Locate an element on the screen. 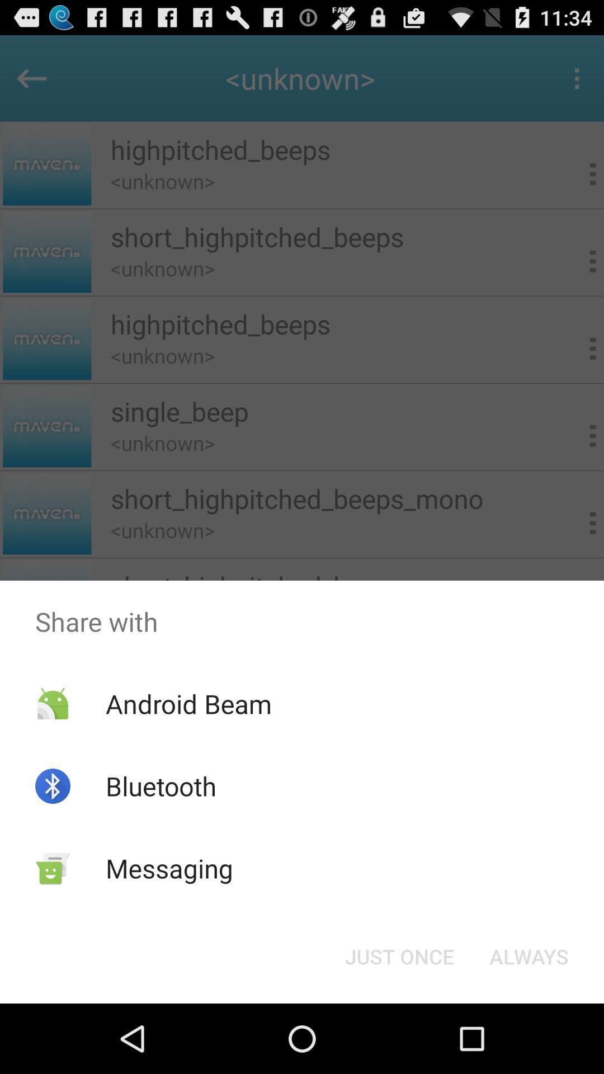 This screenshot has width=604, height=1074. the bluetooth is located at coordinates (161, 785).